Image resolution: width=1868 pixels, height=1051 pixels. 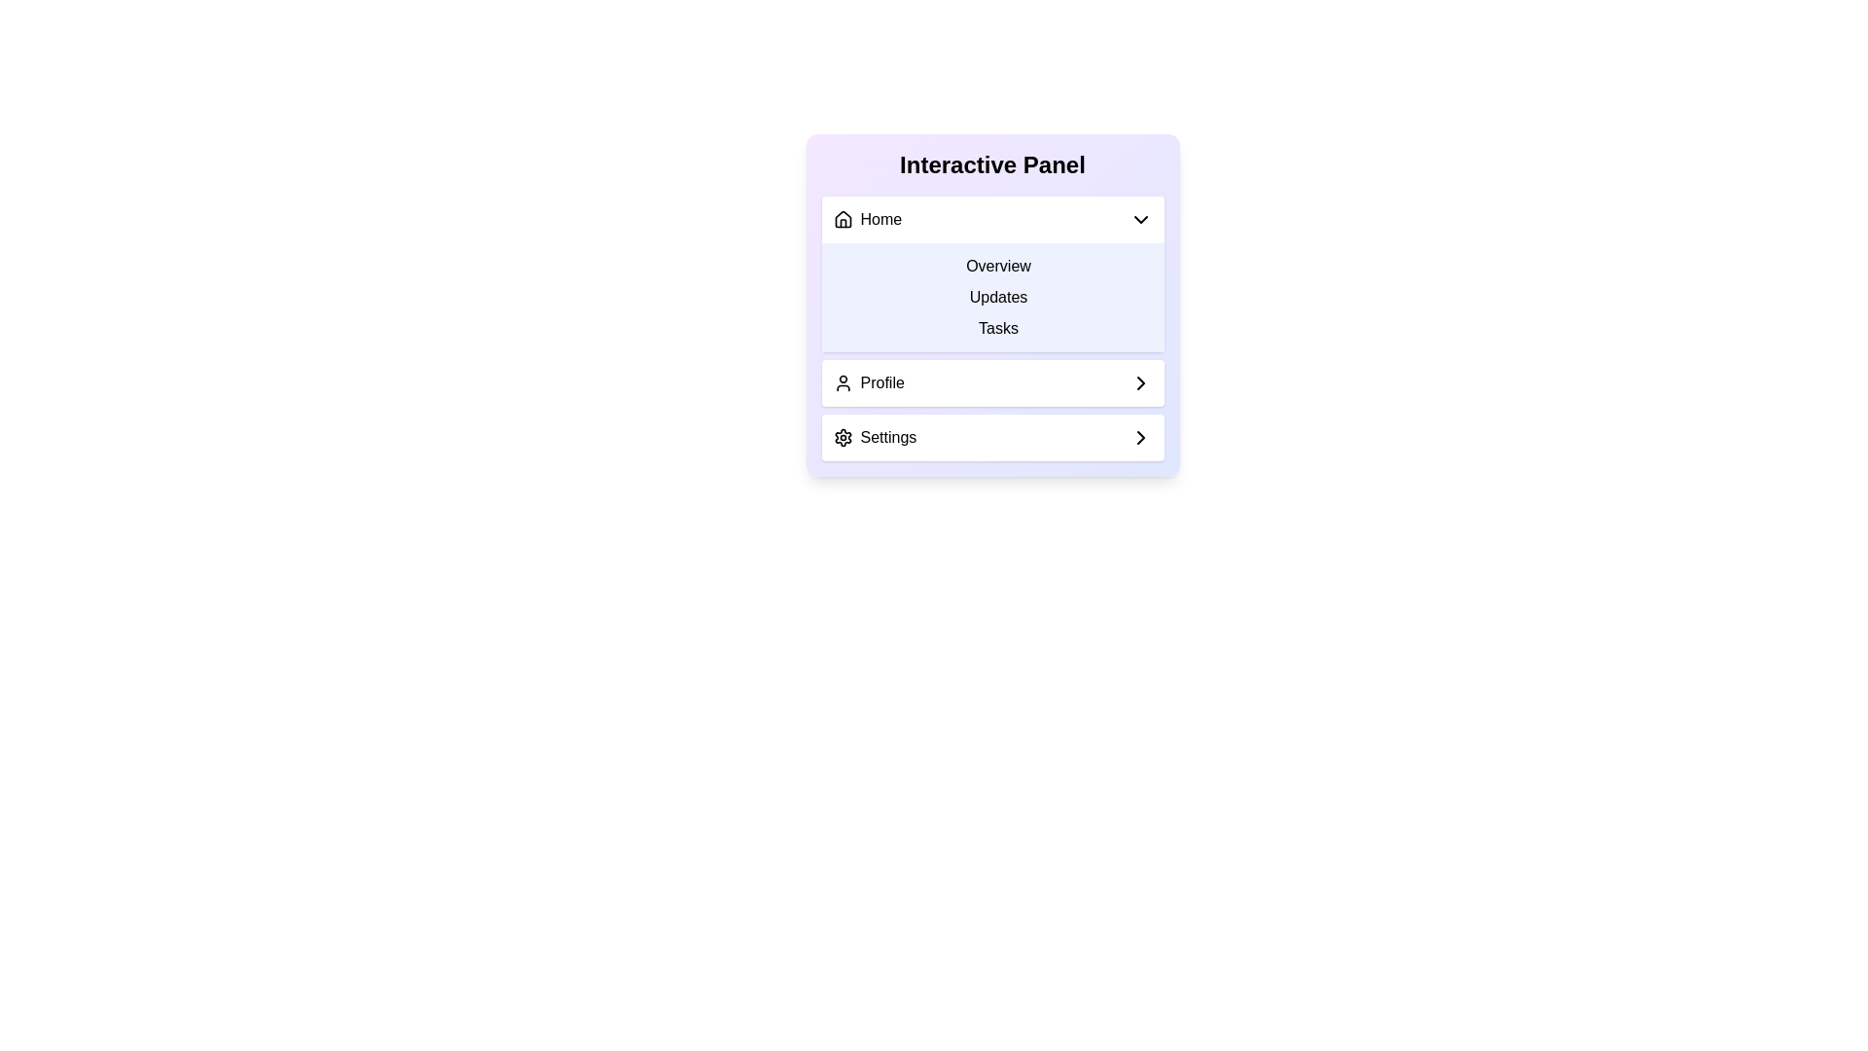 I want to click on the 'Tasks' navigational link located centrally within the Overview dropdown in the interactive panel, so click(x=992, y=328).